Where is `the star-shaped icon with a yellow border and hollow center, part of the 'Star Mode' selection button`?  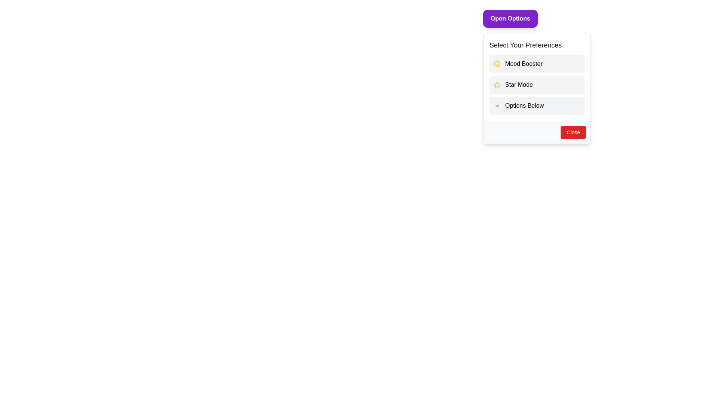
the star-shaped icon with a yellow border and hollow center, part of the 'Star Mode' selection button is located at coordinates (497, 84).